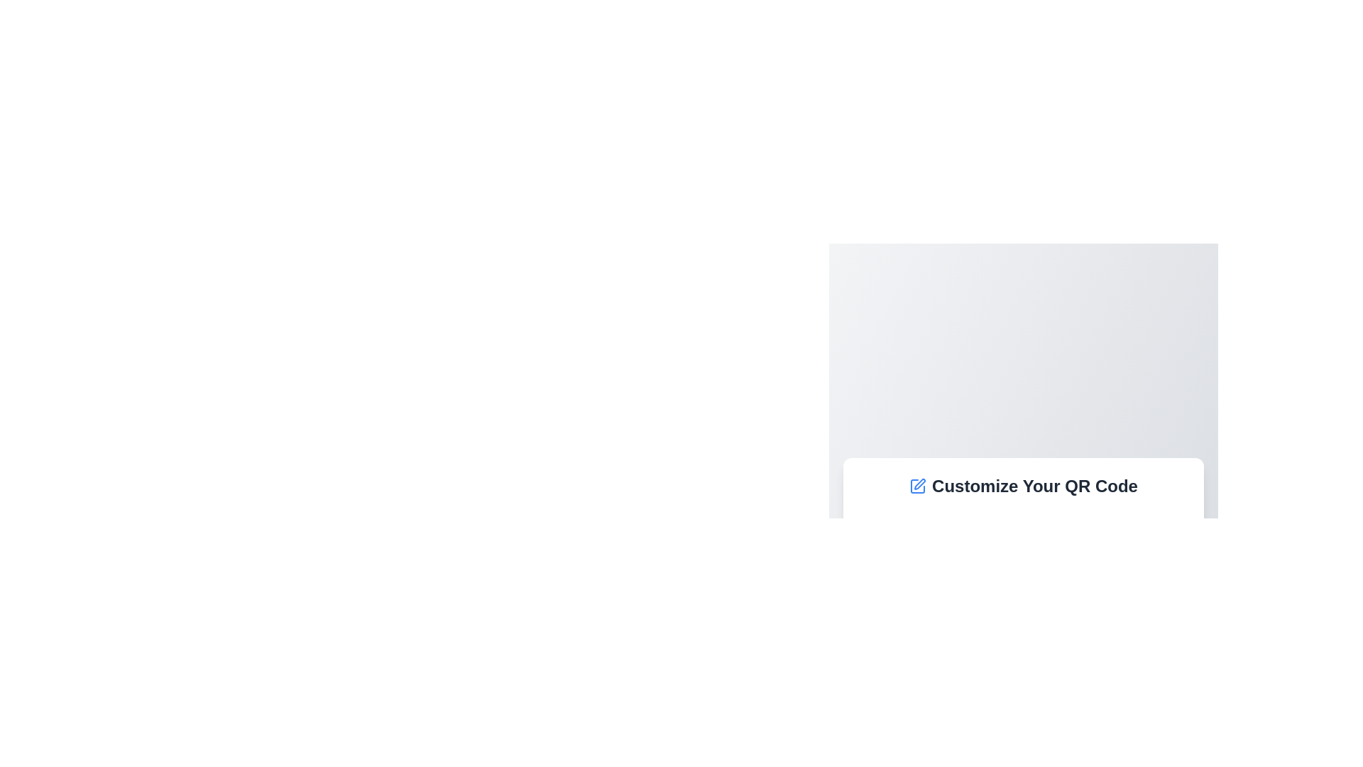  Describe the element at coordinates (918, 486) in the screenshot. I see `the icon located next to the text 'Customize Your QR Code'` at that location.